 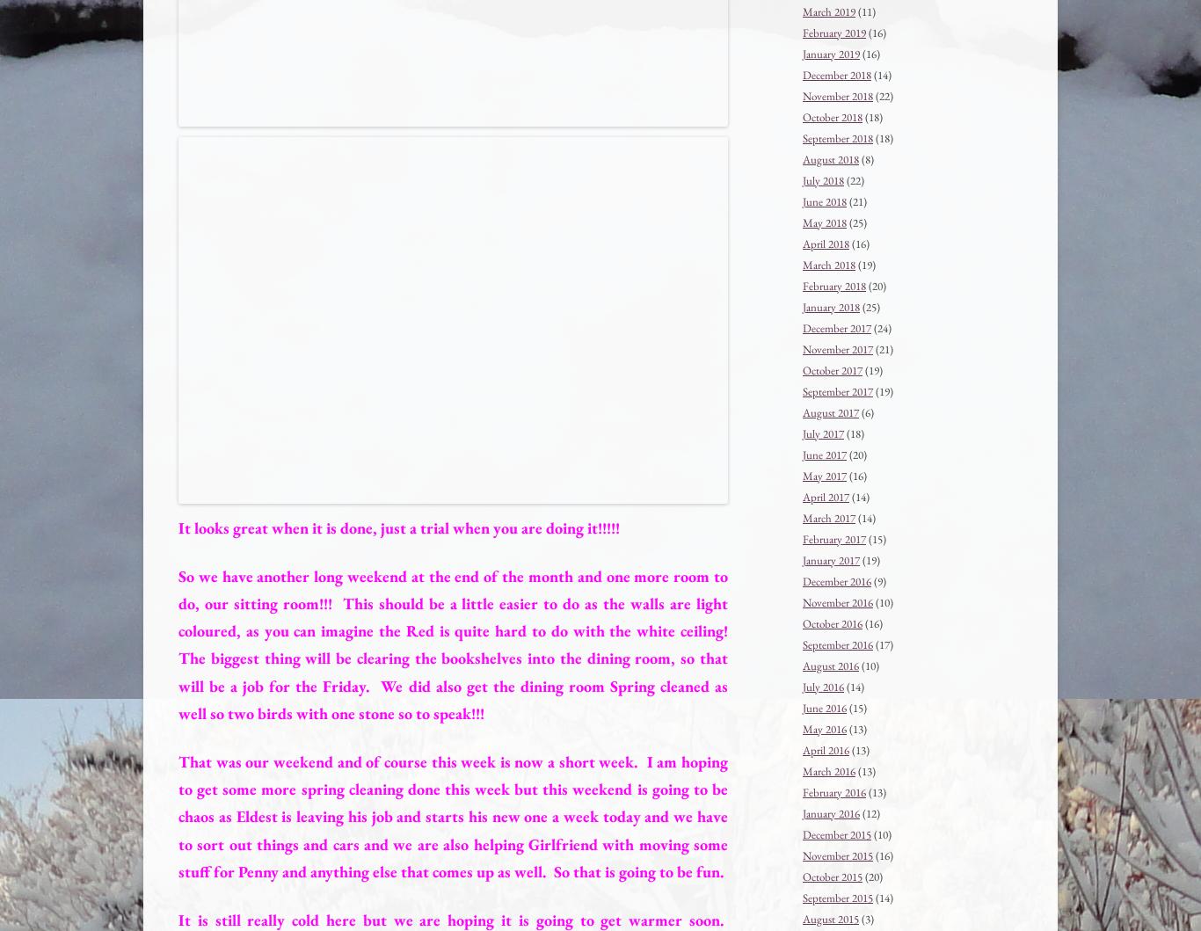 I want to click on '(11)', so click(x=855, y=11).